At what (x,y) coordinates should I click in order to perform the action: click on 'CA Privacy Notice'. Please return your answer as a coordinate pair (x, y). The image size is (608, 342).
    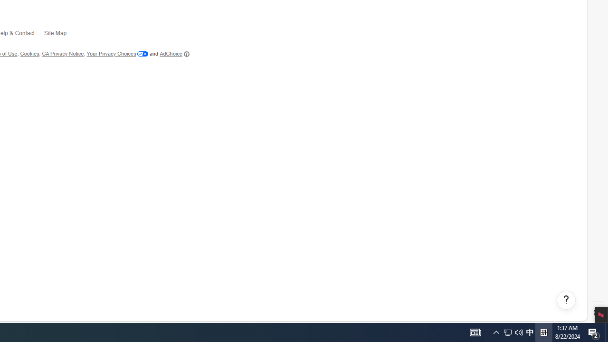
    Looking at the image, I should click on (62, 54).